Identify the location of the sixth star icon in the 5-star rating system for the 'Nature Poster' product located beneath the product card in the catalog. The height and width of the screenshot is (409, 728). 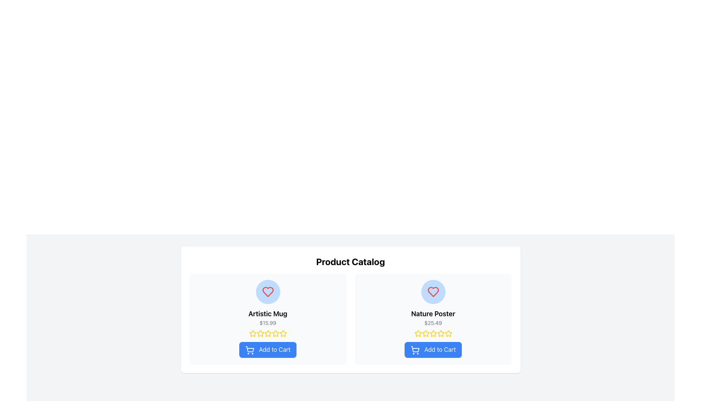
(441, 333).